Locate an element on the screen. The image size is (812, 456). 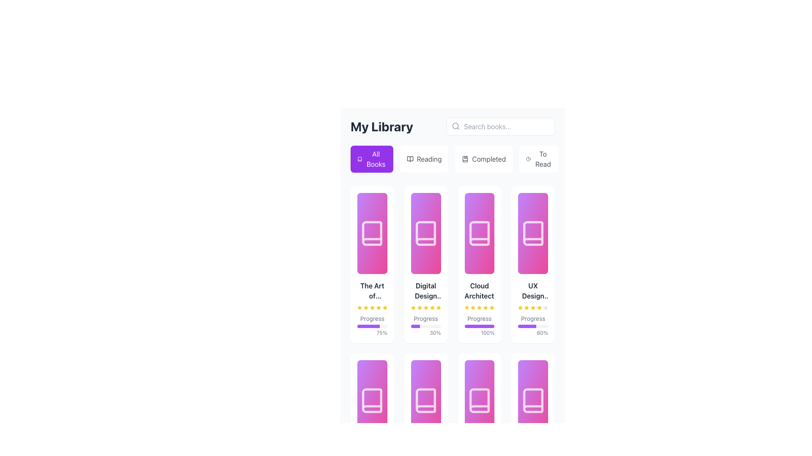
the 'Reading' button, which is the second button from the left in the menu, to filter the list to 'Reading' books is located at coordinates (424, 159).